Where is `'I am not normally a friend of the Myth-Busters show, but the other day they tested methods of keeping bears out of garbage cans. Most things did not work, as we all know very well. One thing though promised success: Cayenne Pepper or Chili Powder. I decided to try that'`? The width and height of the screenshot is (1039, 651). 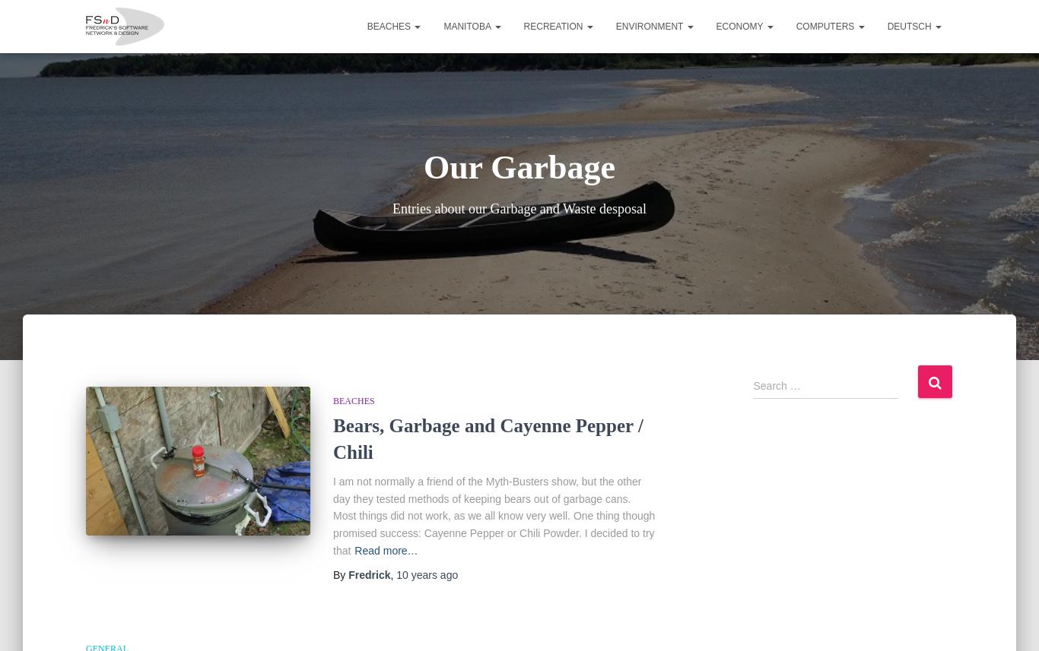 'I am not normally a friend of the Myth-Busters show, but the other day they tested methods of keeping bears out of garbage cans. Most things did not work, as we all know very well. One thing though promised success: Cayenne Pepper or Chili Powder. I decided to try that' is located at coordinates (493, 515).